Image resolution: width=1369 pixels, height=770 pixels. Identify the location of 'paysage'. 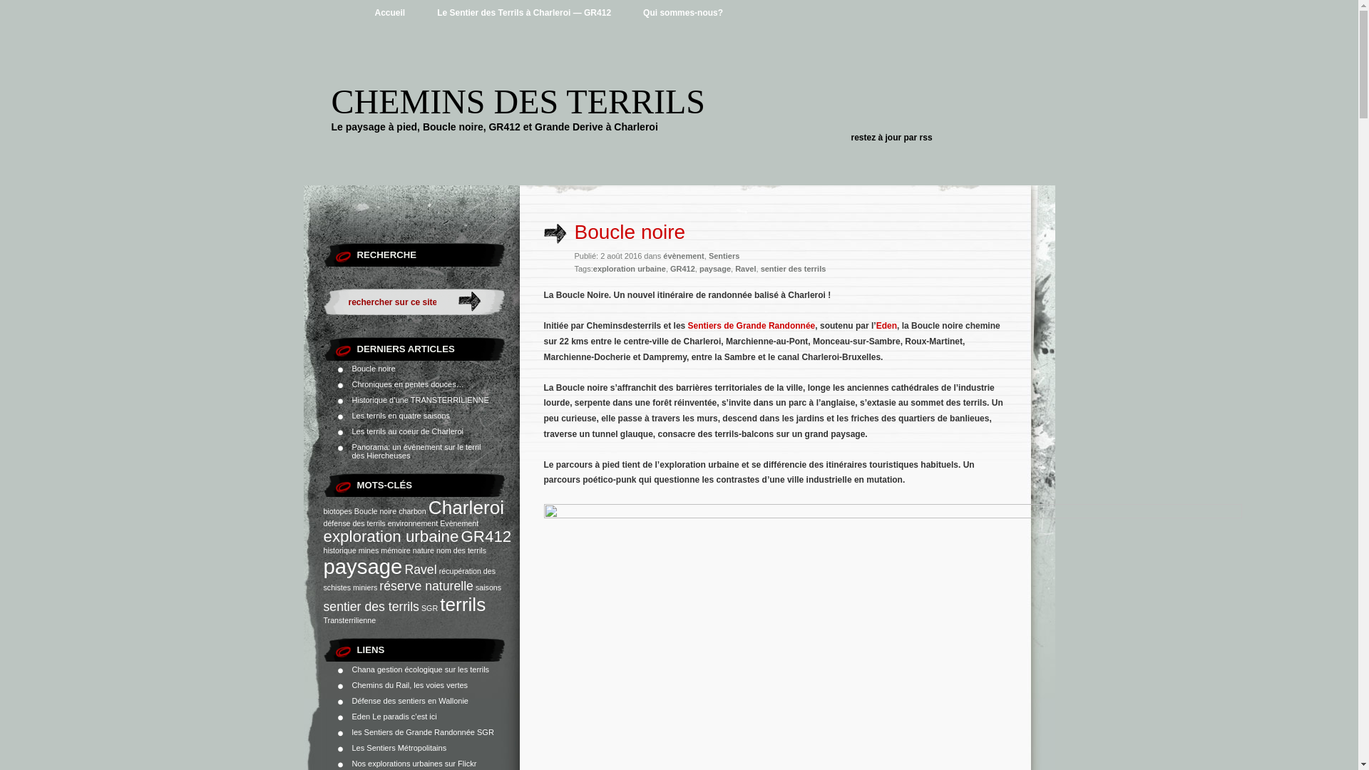
(715, 269).